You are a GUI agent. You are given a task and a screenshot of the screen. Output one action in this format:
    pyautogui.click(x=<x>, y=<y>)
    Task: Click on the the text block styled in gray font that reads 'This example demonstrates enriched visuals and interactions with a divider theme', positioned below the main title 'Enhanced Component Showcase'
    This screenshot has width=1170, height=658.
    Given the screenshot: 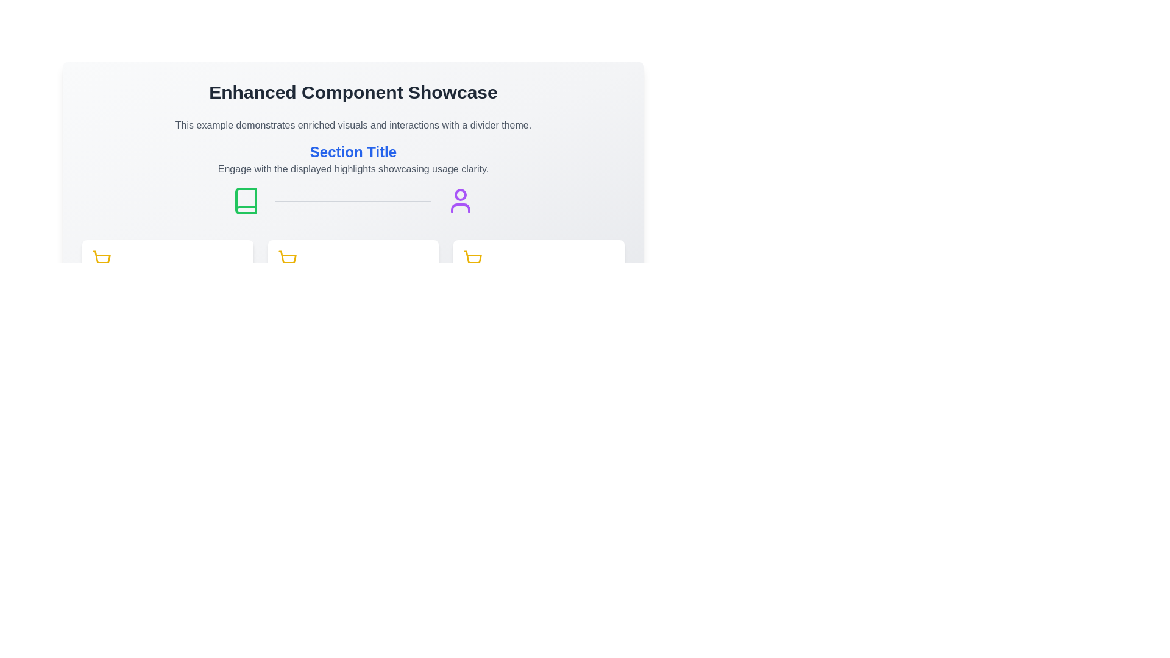 What is the action you would take?
    pyautogui.click(x=353, y=125)
    